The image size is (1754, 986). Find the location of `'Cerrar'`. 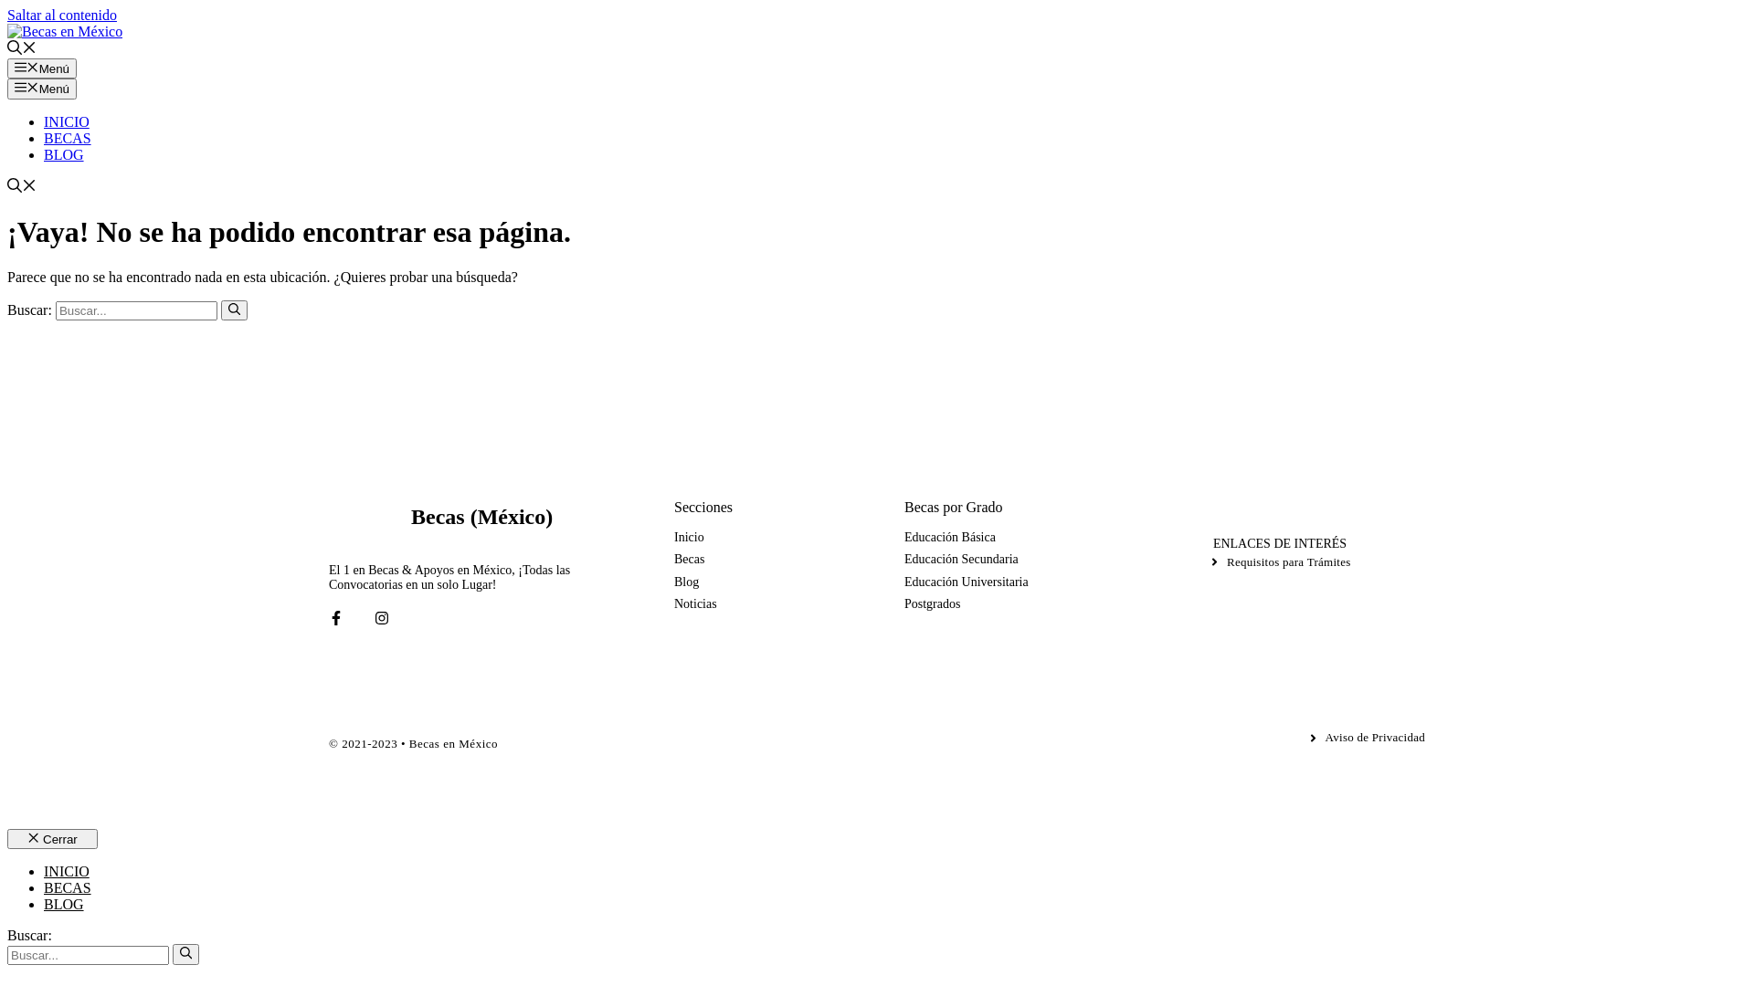

'Cerrar' is located at coordinates (52, 838).